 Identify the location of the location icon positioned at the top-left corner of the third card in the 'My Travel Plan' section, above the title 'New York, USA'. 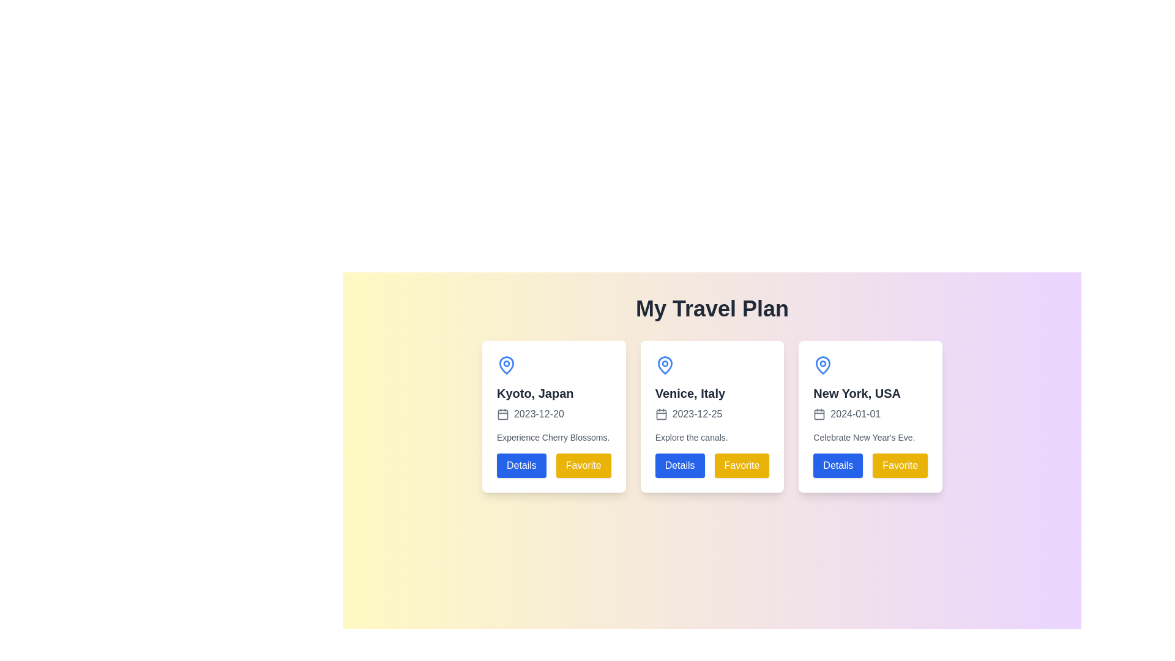
(823, 365).